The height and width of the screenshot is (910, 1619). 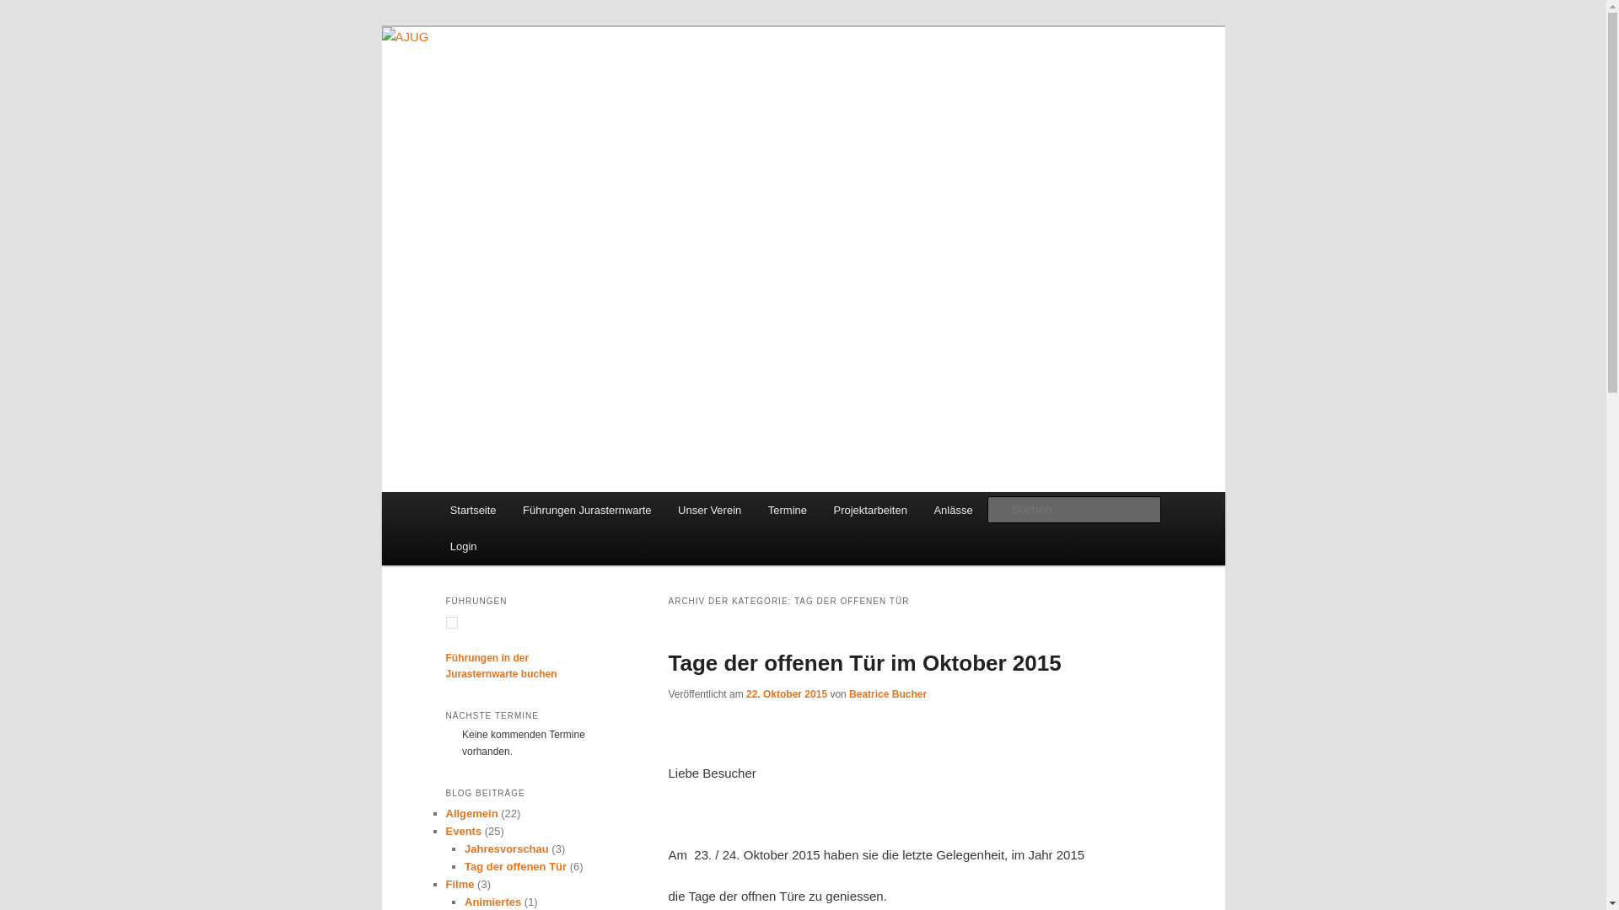 I want to click on 'Animiertes', so click(x=465, y=901).